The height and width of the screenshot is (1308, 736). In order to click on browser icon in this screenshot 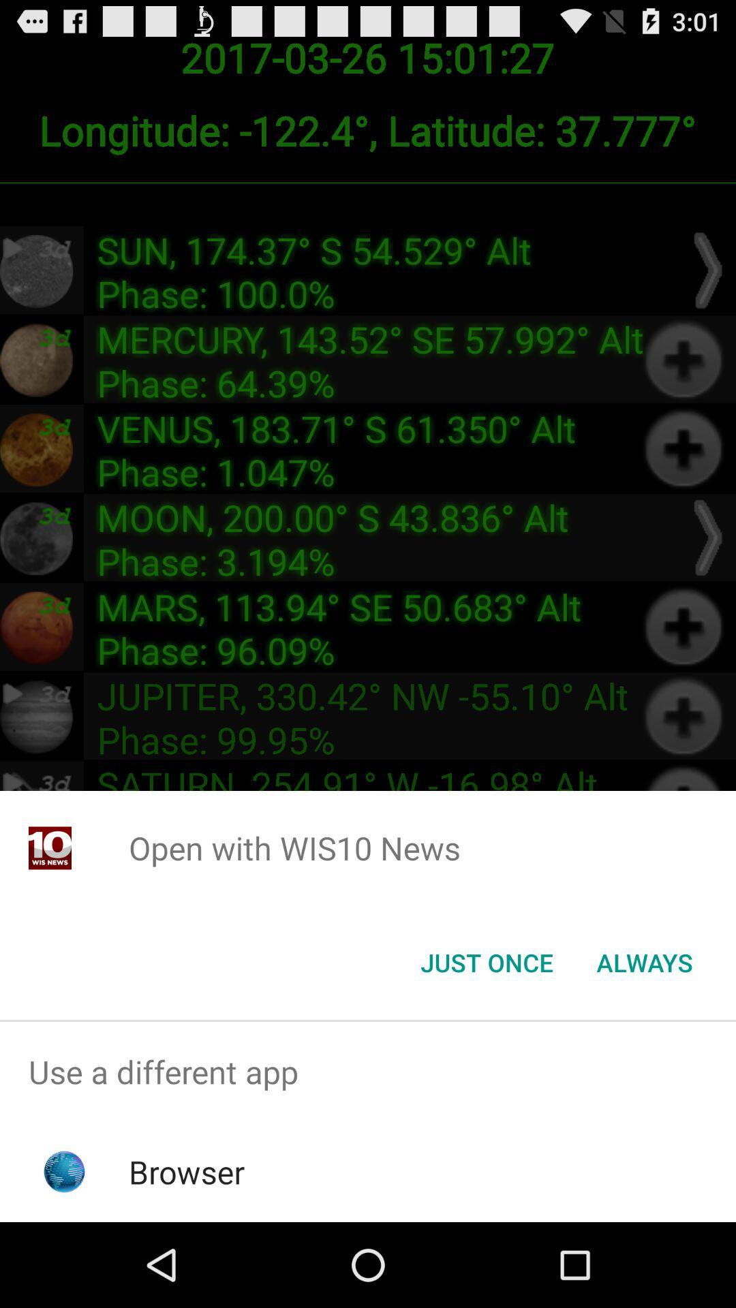, I will do `click(187, 1171)`.